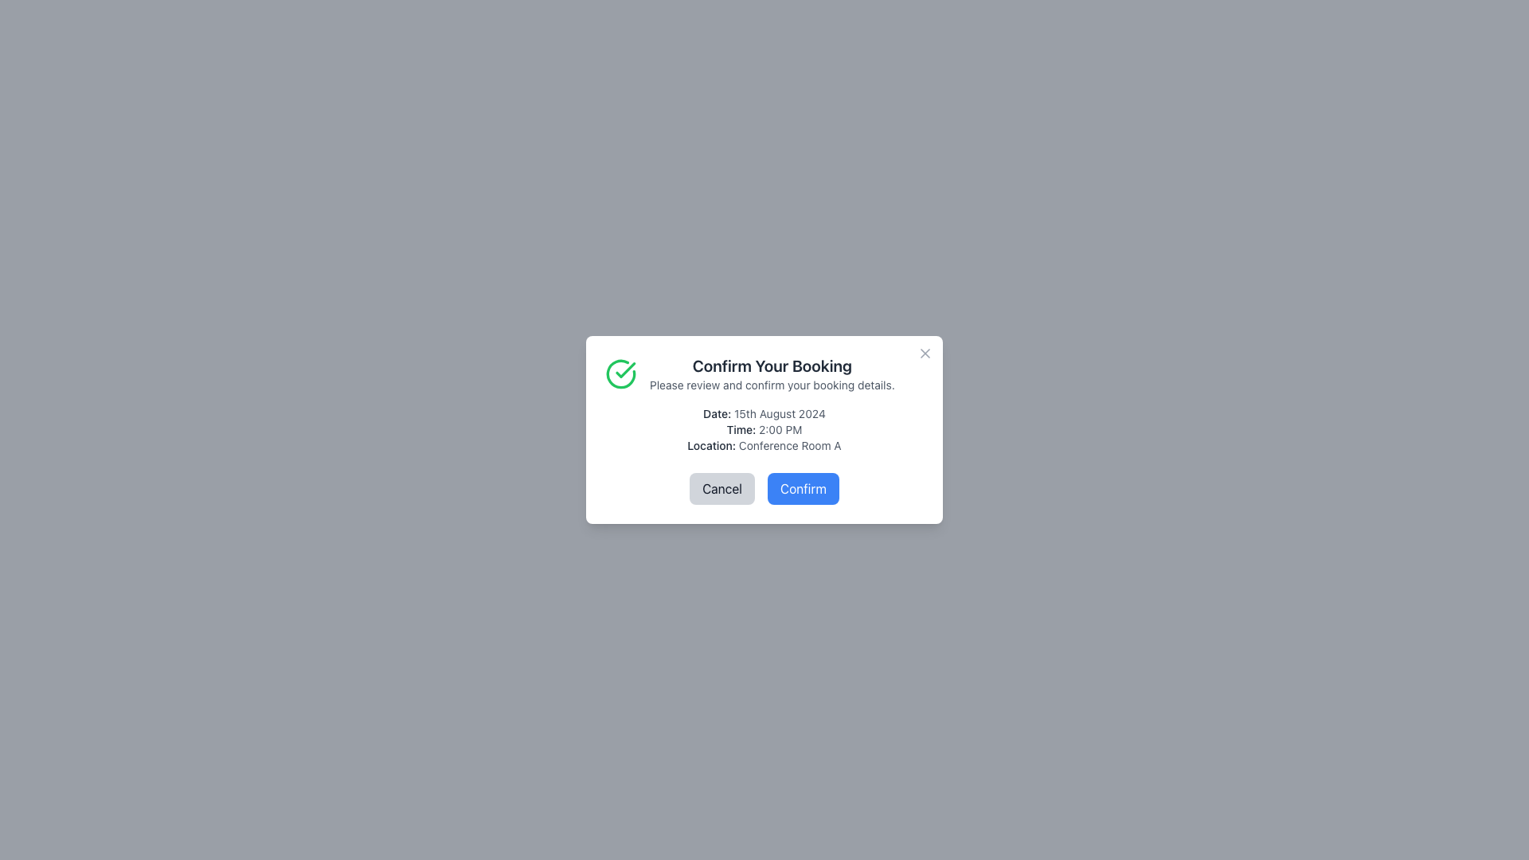 This screenshot has height=860, width=1529. I want to click on the 'Cancel' button with a gray background and white text located at the bottom section of the 'Confirm Your Booking' modal dialogue, so click(721, 487).